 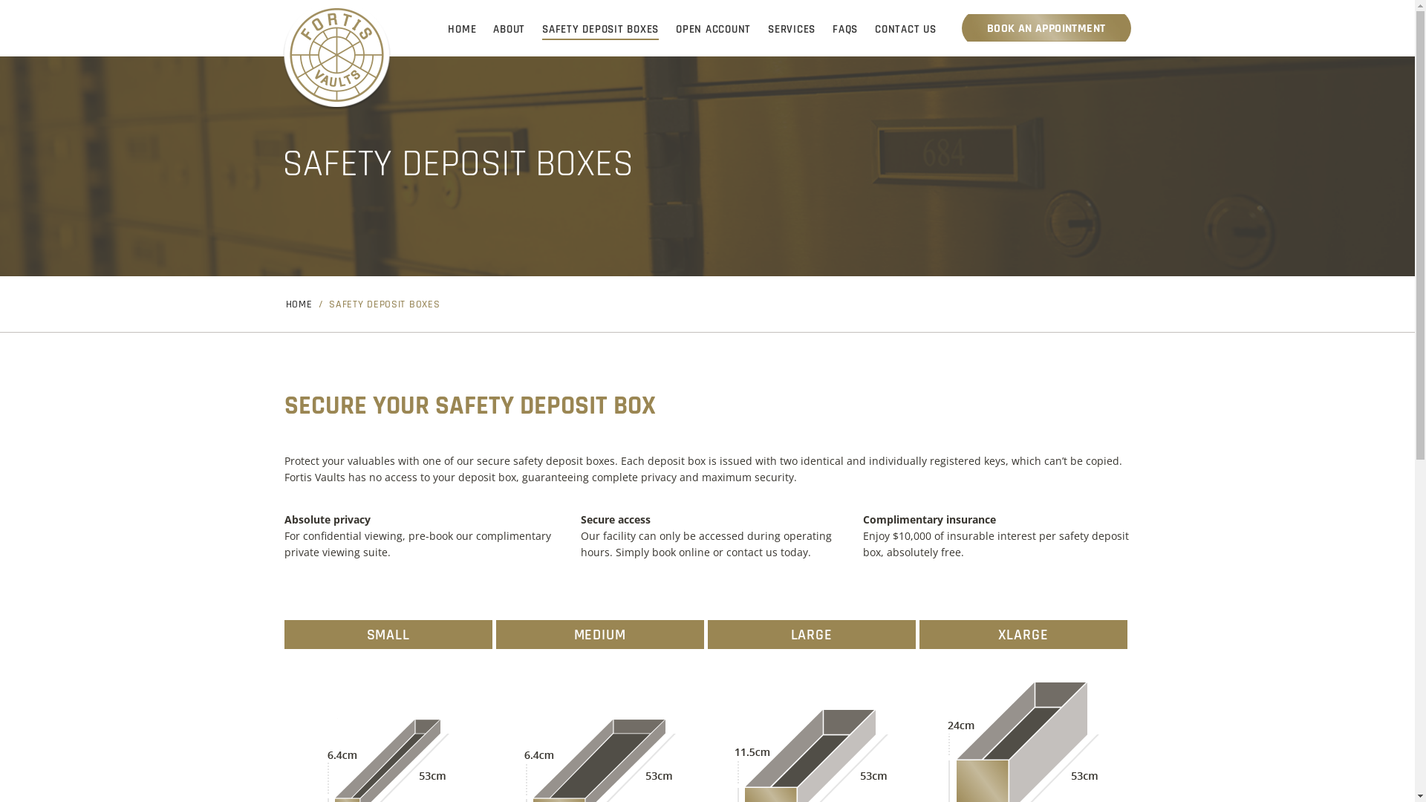 What do you see at coordinates (461, 29) in the screenshot?
I see `'HOME'` at bounding box center [461, 29].